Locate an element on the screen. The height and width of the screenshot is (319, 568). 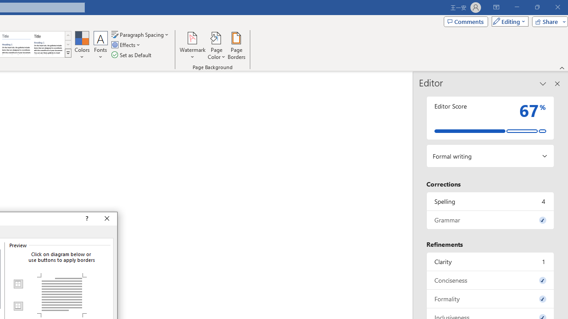
'Row Down' is located at coordinates (67, 44).